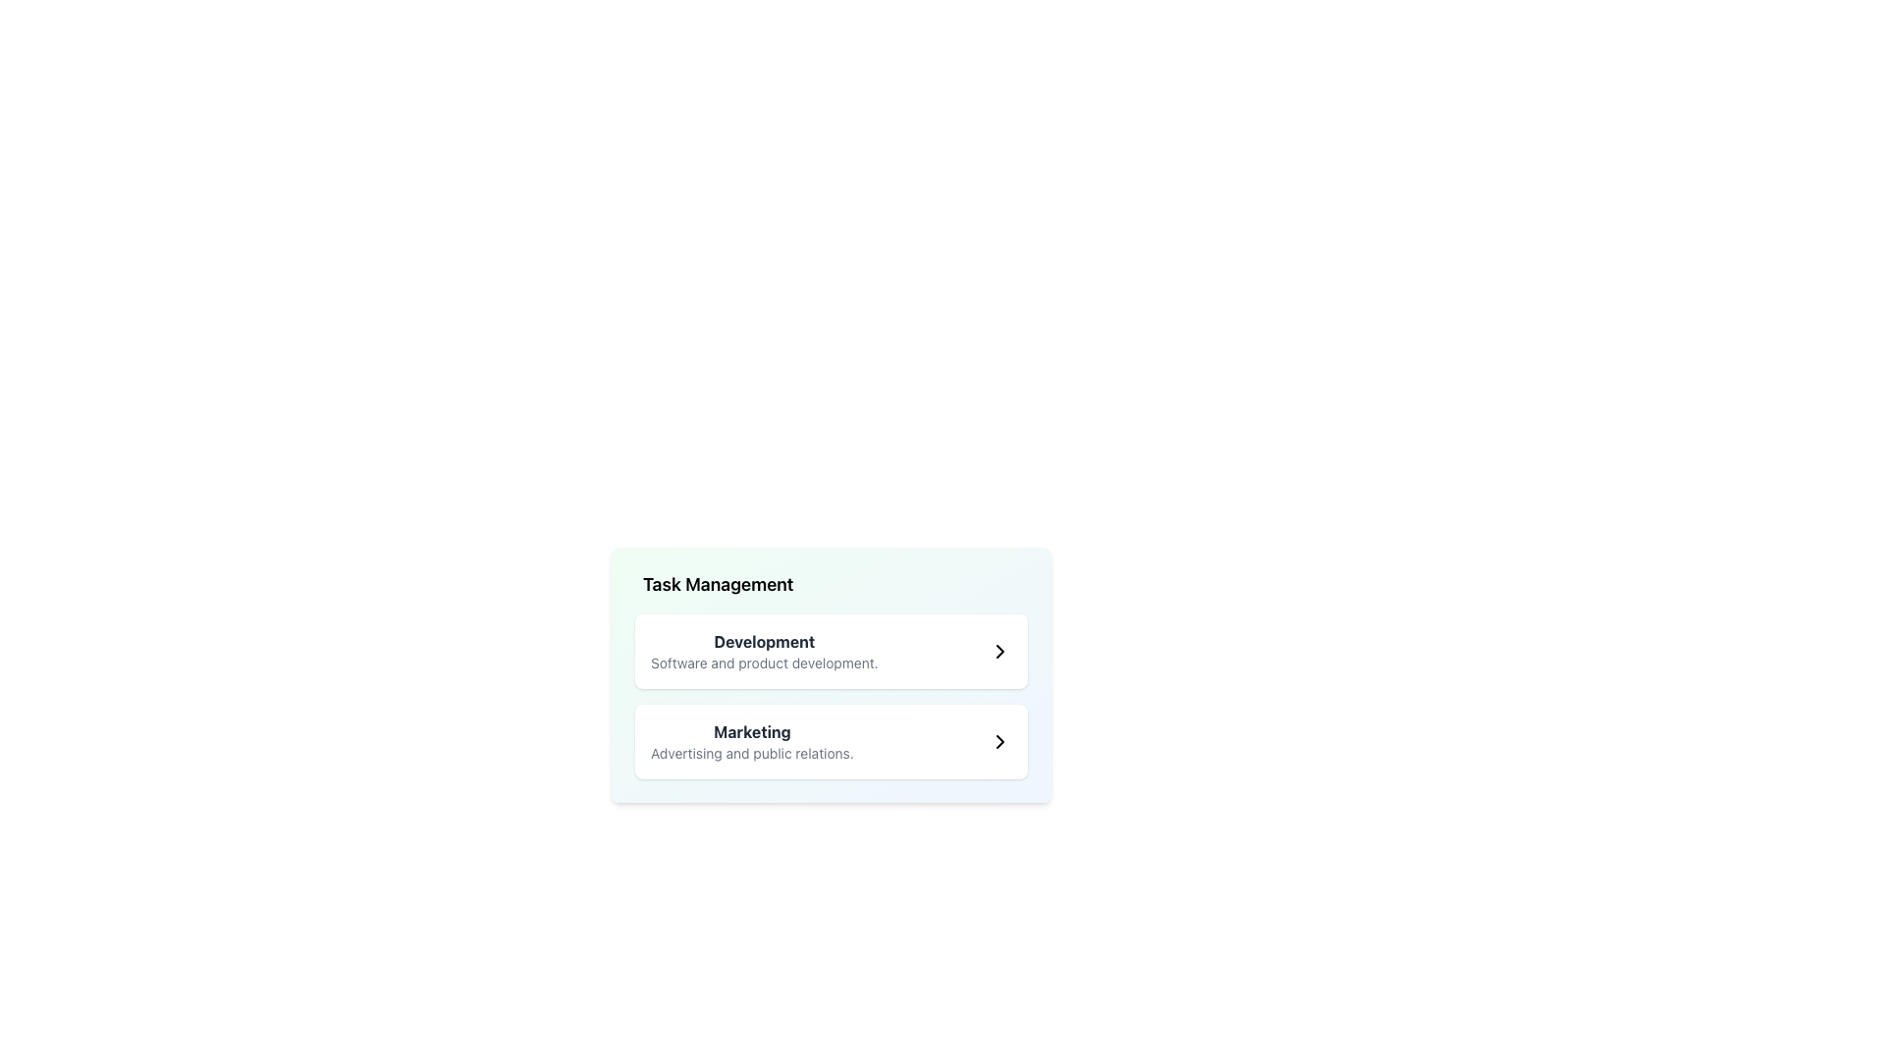 This screenshot has width=1885, height=1060. Describe the element at coordinates (999, 651) in the screenshot. I see `the right-pointing chevron icon with a thin black outline next to the 'Development' section` at that location.